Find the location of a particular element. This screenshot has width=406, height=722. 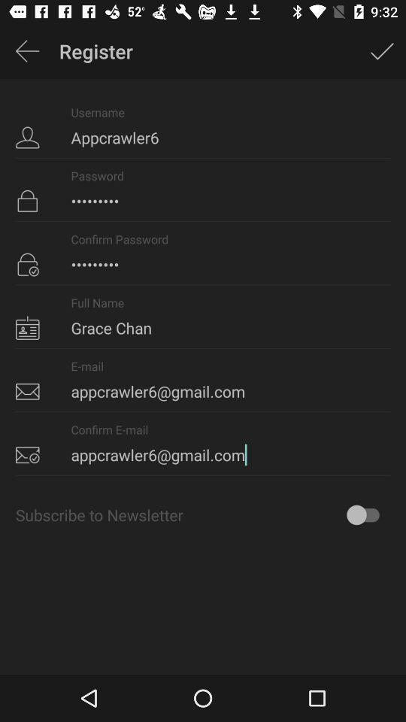

go back is located at coordinates (27, 51).